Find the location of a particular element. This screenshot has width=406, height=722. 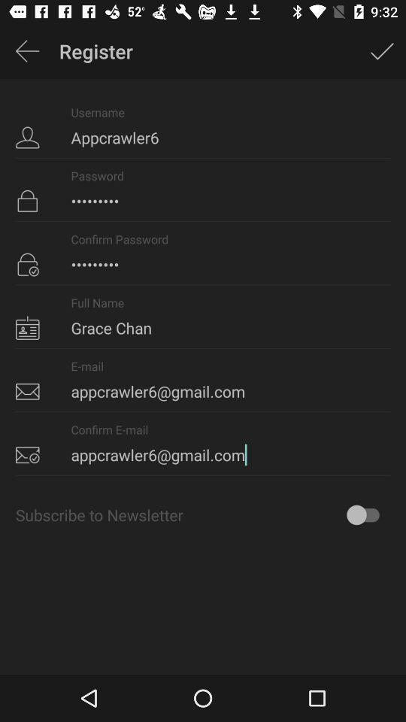

go back is located at coordinates (27, 51).